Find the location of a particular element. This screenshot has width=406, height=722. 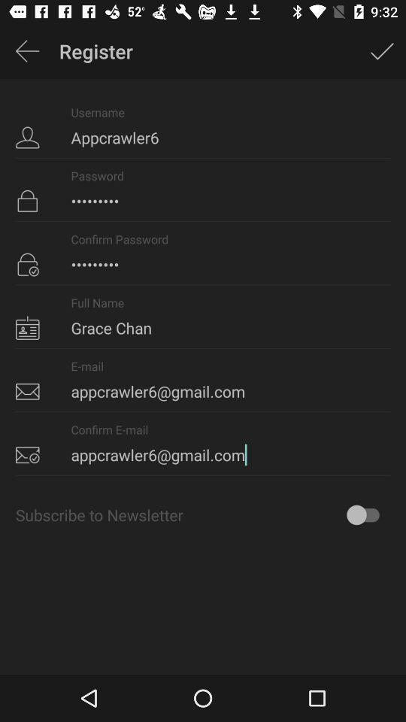

go back is located at coordinates (27, 51).